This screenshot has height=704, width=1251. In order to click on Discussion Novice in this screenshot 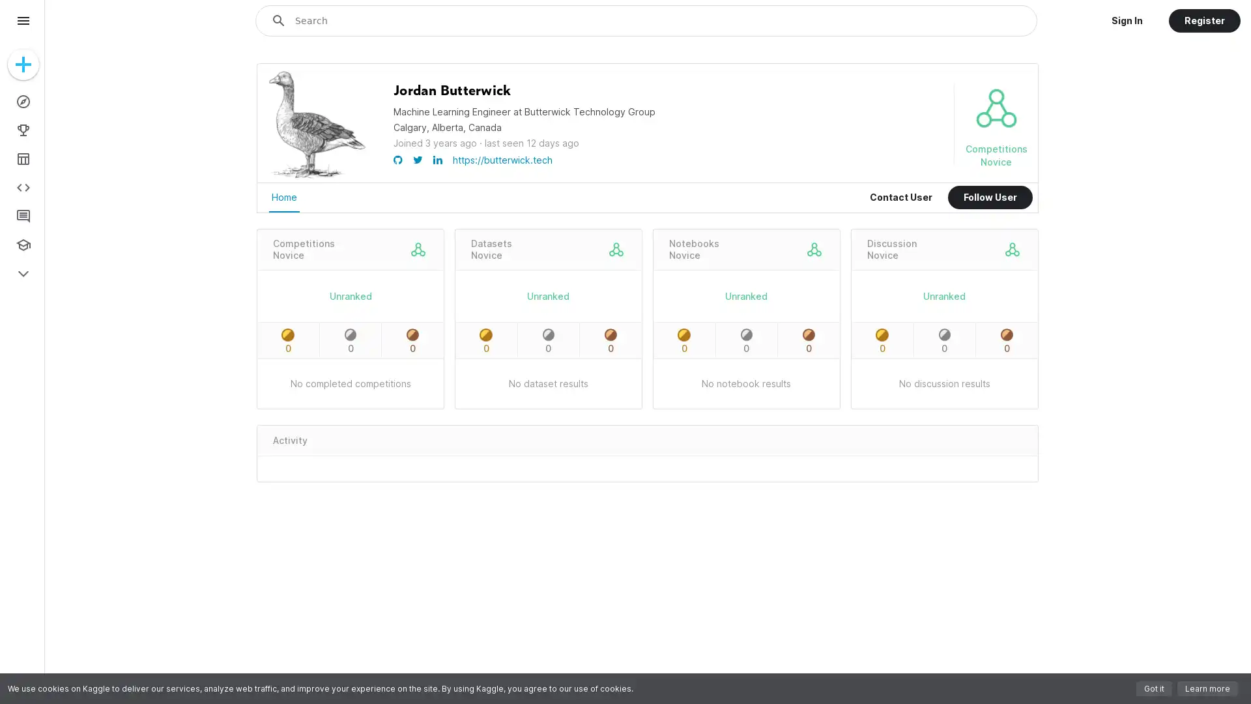, I will do `click(891, 249)`.